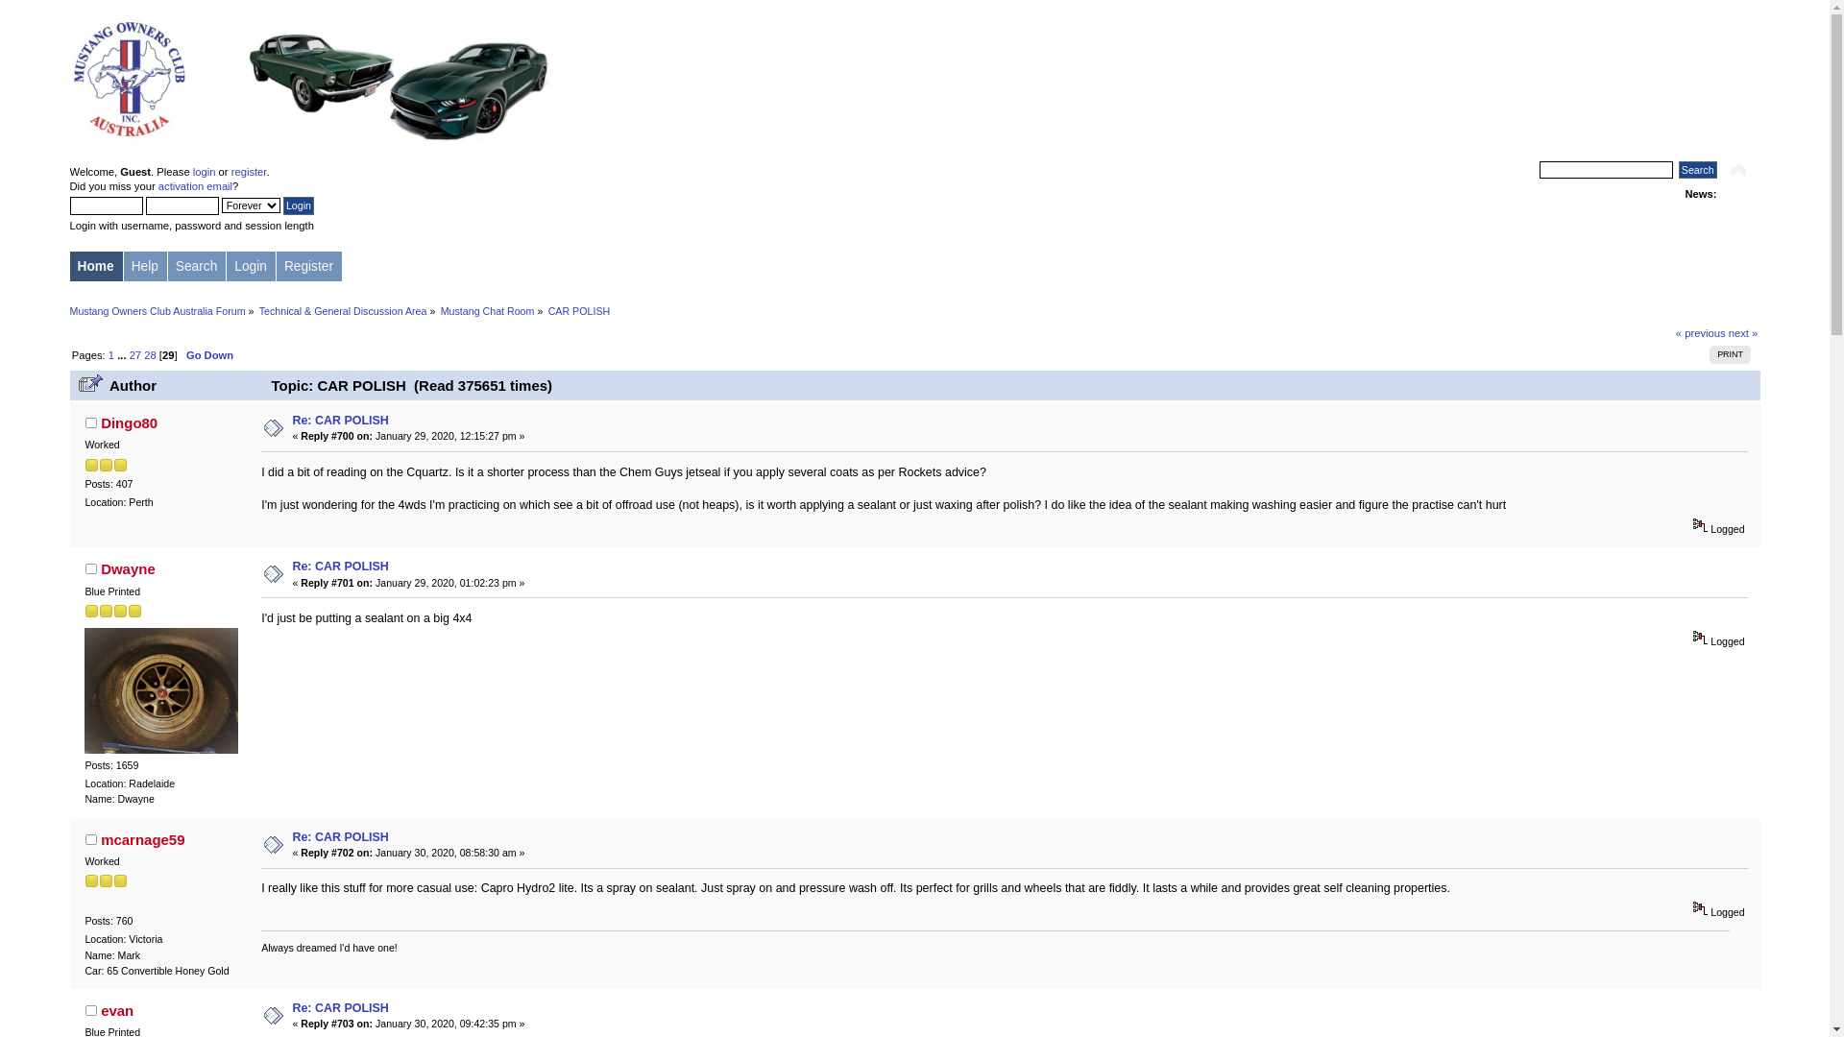  Describe the element at coordinates (248, 170) in the screenshot. I see `'register'` at that location.